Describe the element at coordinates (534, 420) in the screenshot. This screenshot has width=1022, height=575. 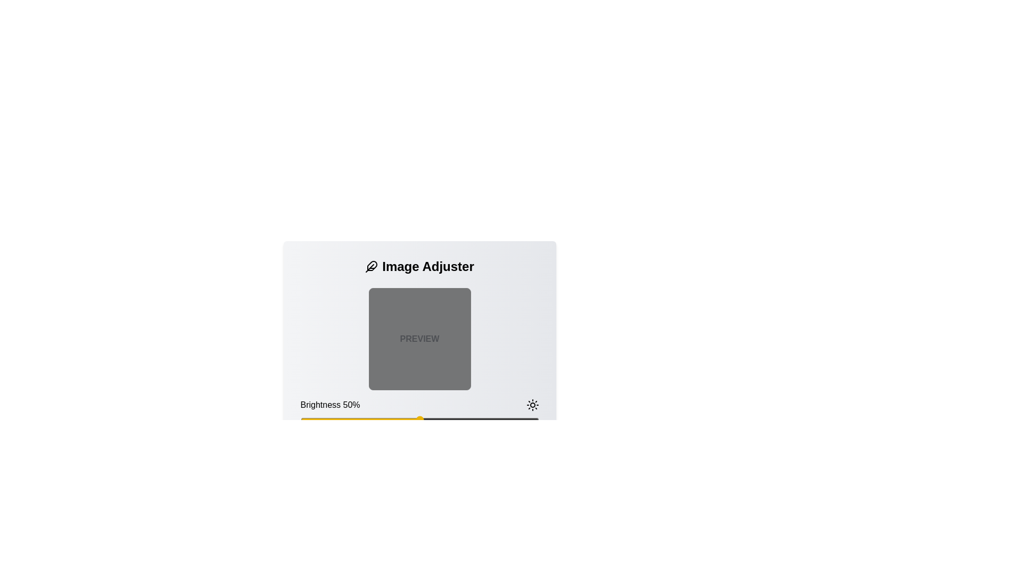
I see `the brightness level` at that location.